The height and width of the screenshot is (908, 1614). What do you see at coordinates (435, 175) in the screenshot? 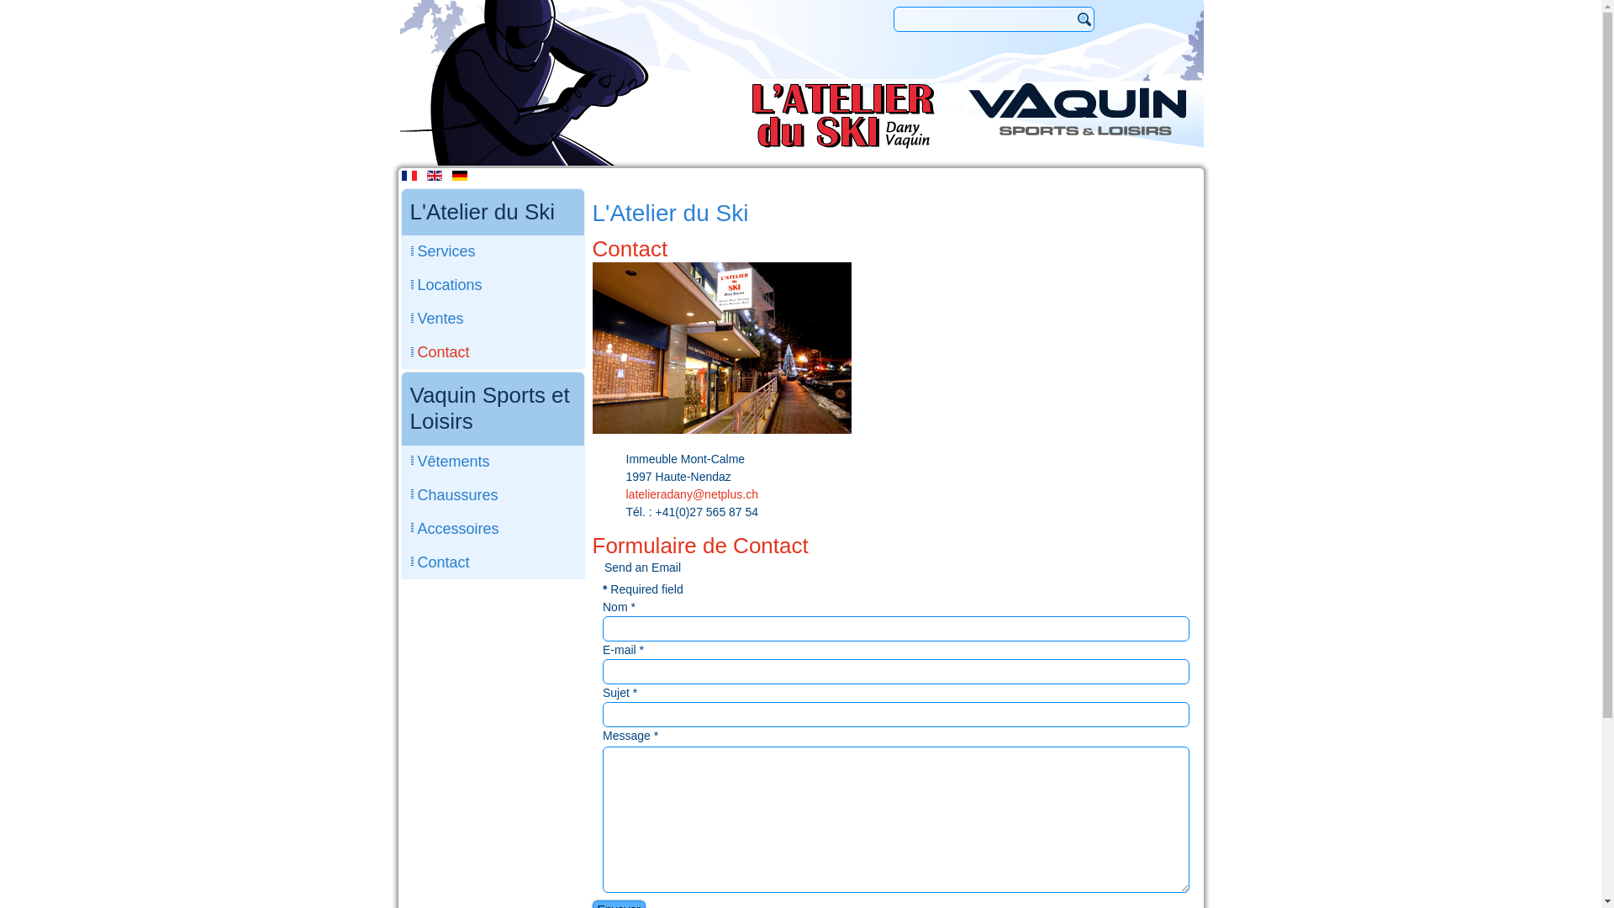
I see `'English'` at bounding box center [435, 175].